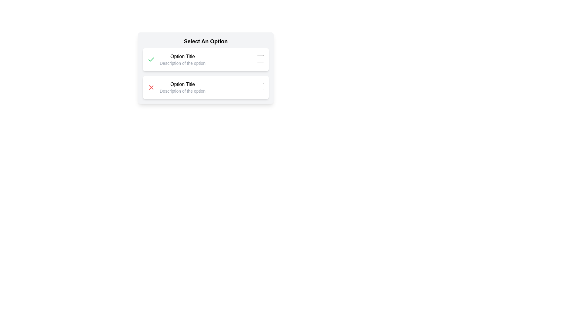 This screenshot has width=582, height=327. Describe the element at coordinates (182, 88) in the screenshot. I see `the text block containing the bolded title 'Option Title' and the grayed-out subtitle 'Description of the option', which is centrally positioned below a similar structure` at that location.